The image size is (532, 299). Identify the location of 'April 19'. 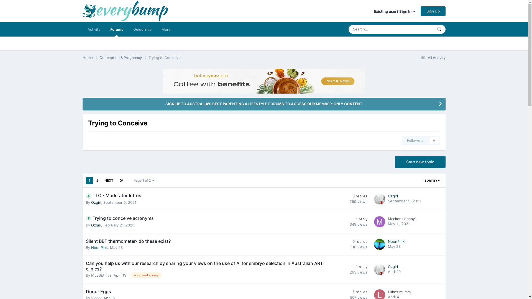
(394, 271).